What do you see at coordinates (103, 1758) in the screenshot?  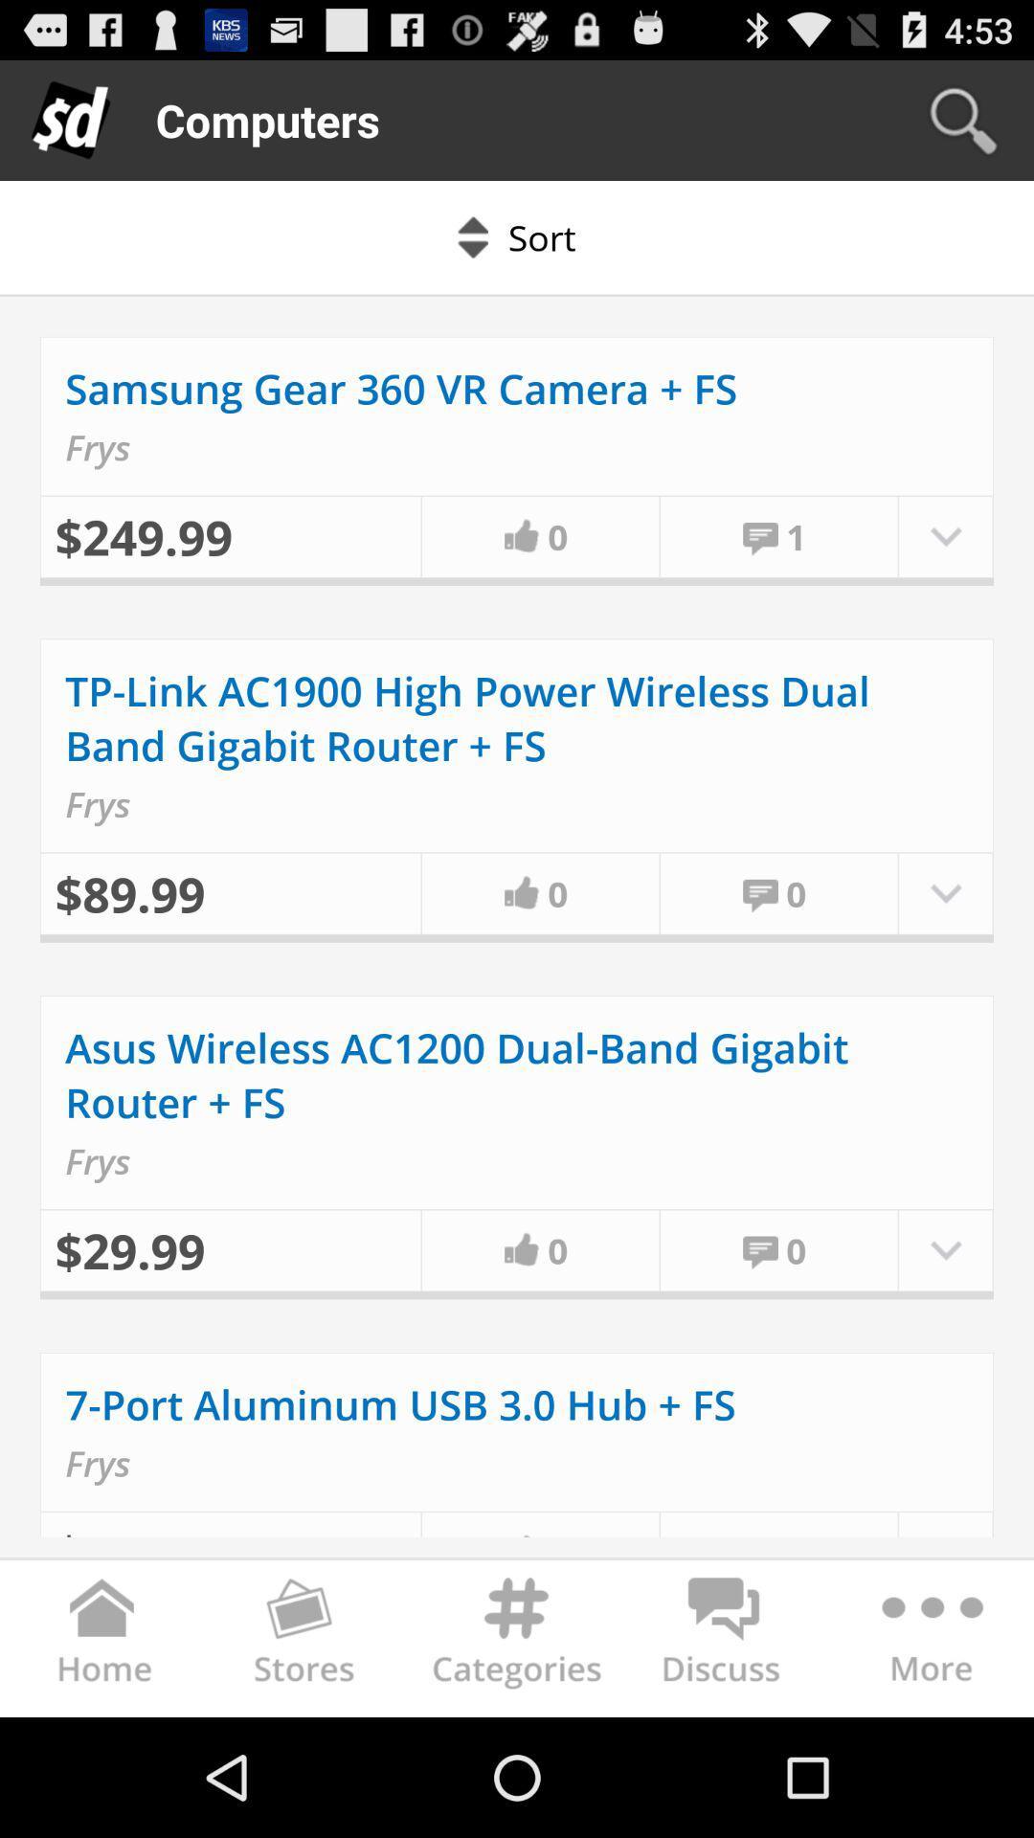 I see `the home icon` at bounding box center [103, 1758].